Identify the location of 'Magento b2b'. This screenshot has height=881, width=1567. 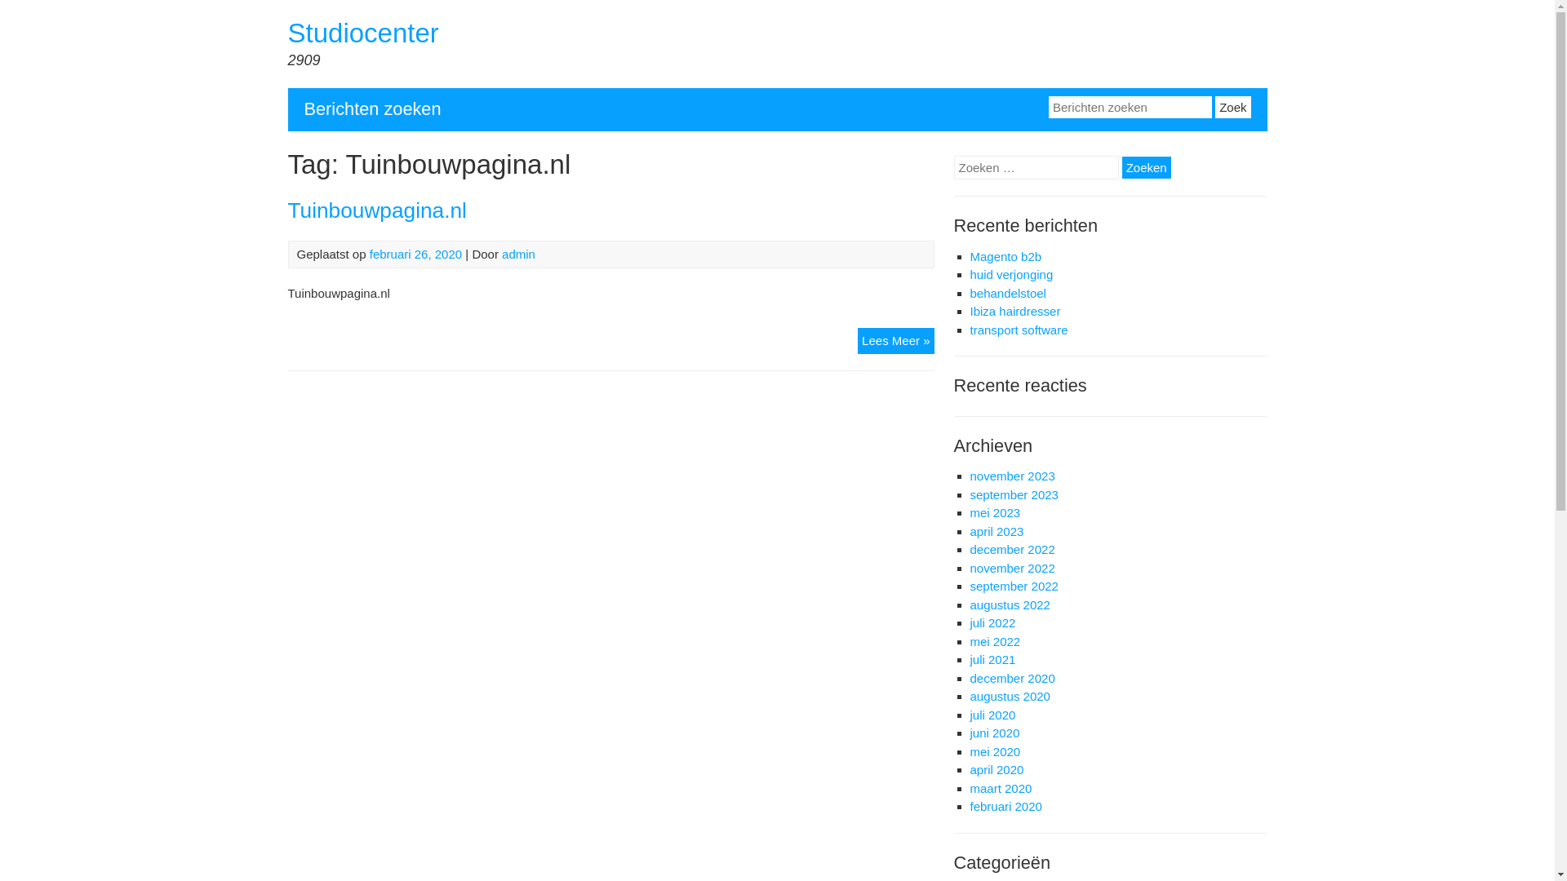
(1005, 256).